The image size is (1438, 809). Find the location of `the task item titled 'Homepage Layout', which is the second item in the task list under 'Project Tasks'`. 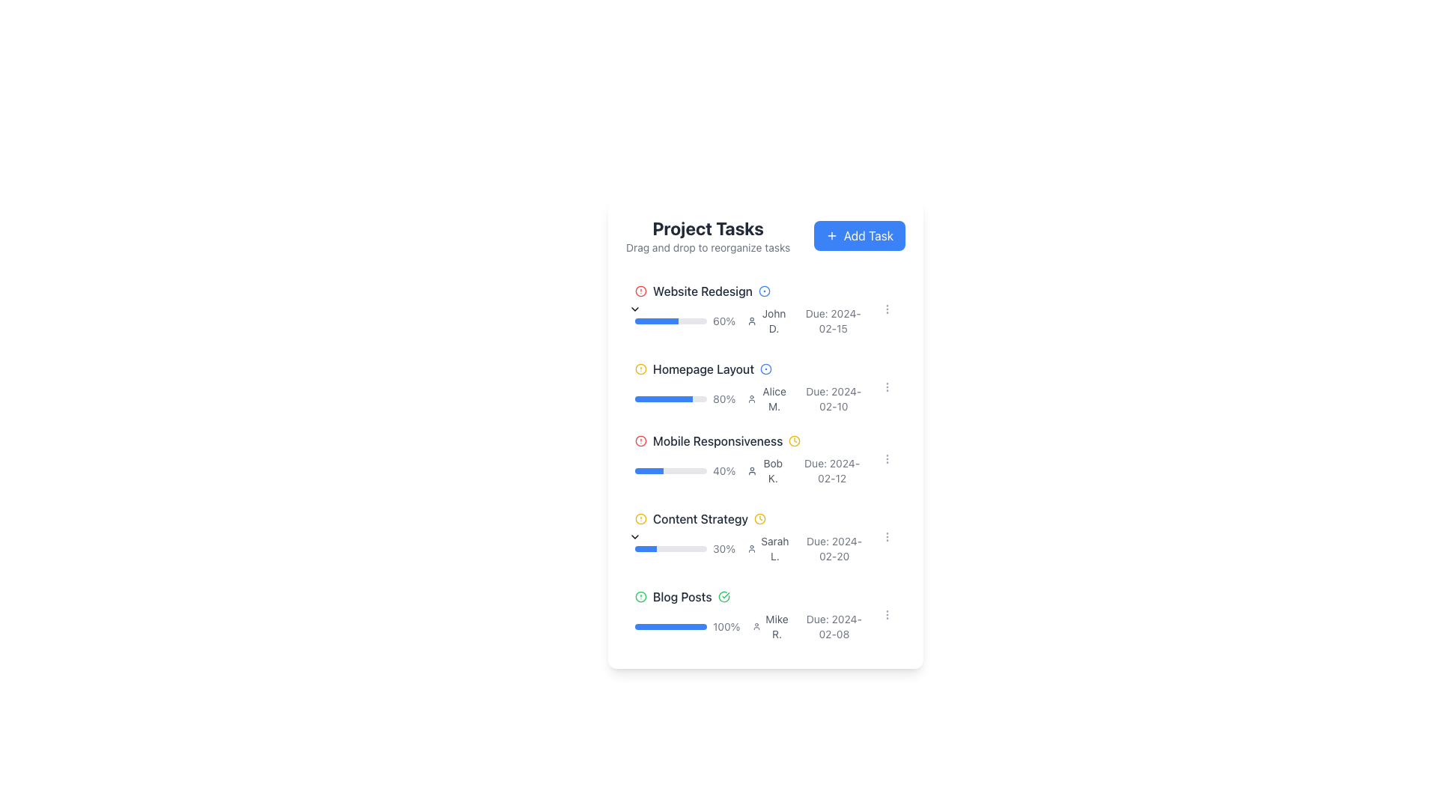

the task item titled 'Homepage Layout', which is the second item in the task list under 'Project Tasks' is located at coordinates (765, 384).